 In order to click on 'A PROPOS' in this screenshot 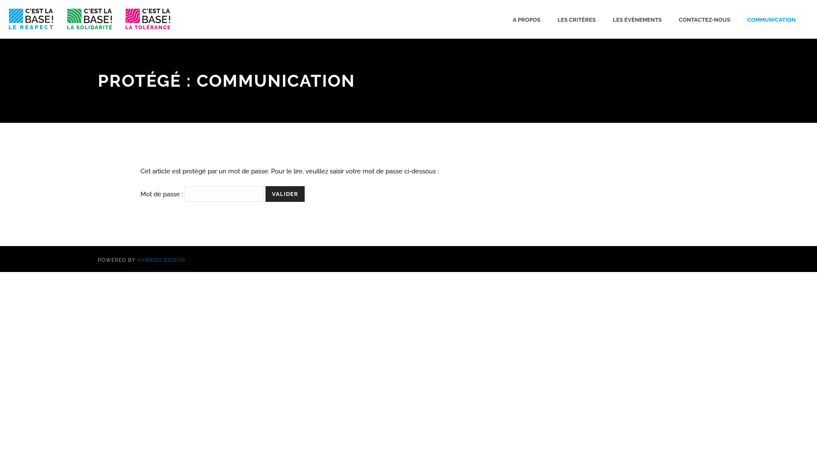, I will do `click(526, 19)`.